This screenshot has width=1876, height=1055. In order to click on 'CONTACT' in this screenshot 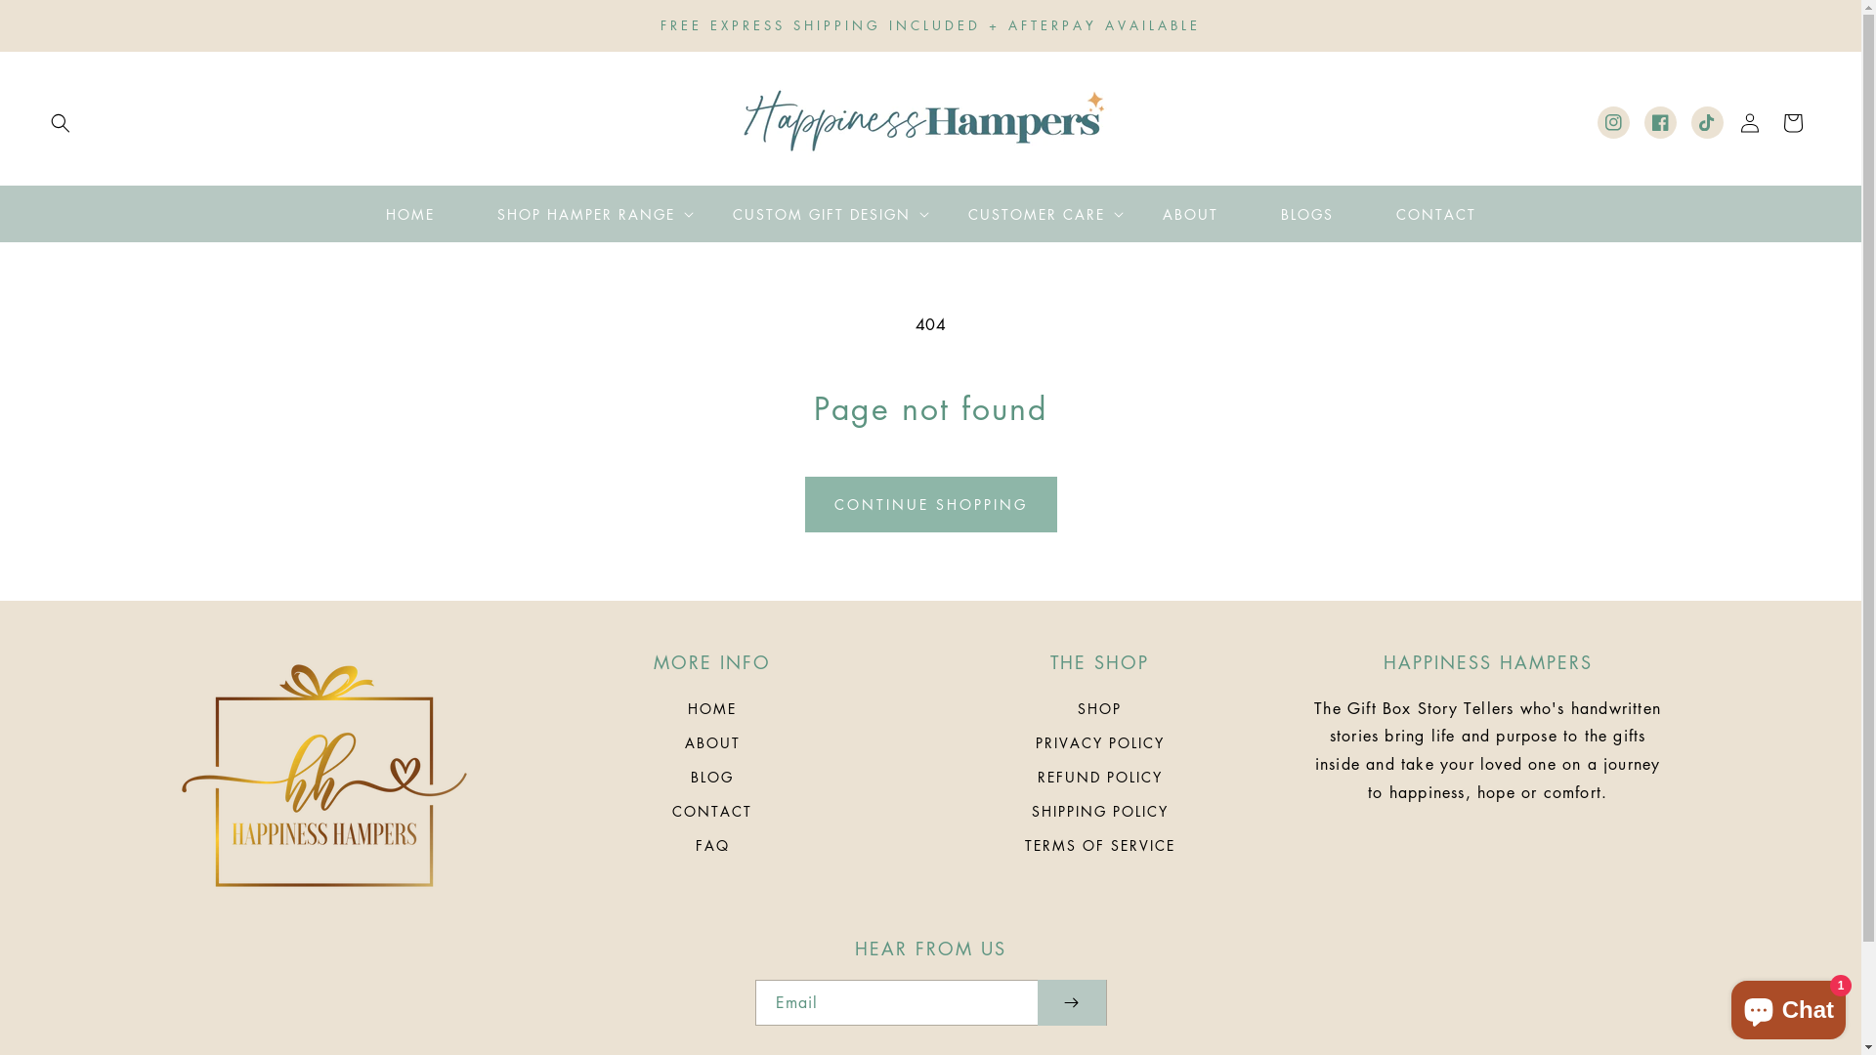, I will do `click(1363, 214)`.